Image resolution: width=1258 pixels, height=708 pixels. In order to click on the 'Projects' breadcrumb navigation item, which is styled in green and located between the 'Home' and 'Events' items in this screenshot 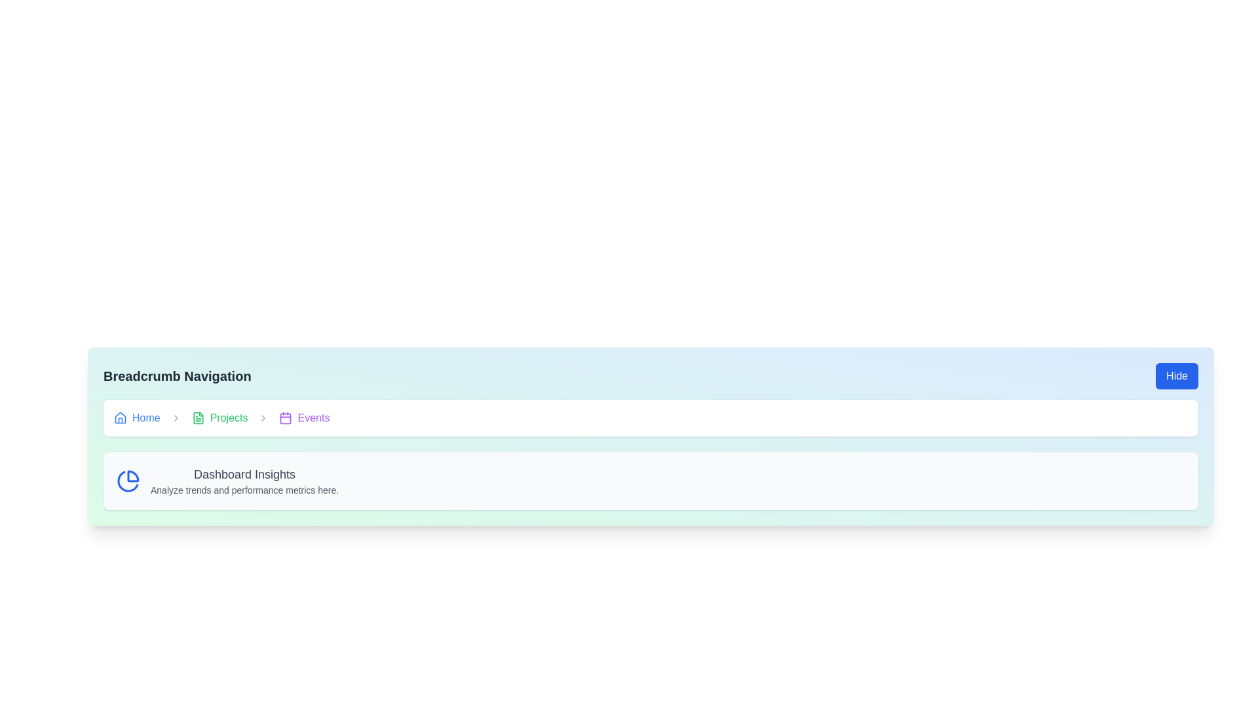, I will do `click(219, 418)`.